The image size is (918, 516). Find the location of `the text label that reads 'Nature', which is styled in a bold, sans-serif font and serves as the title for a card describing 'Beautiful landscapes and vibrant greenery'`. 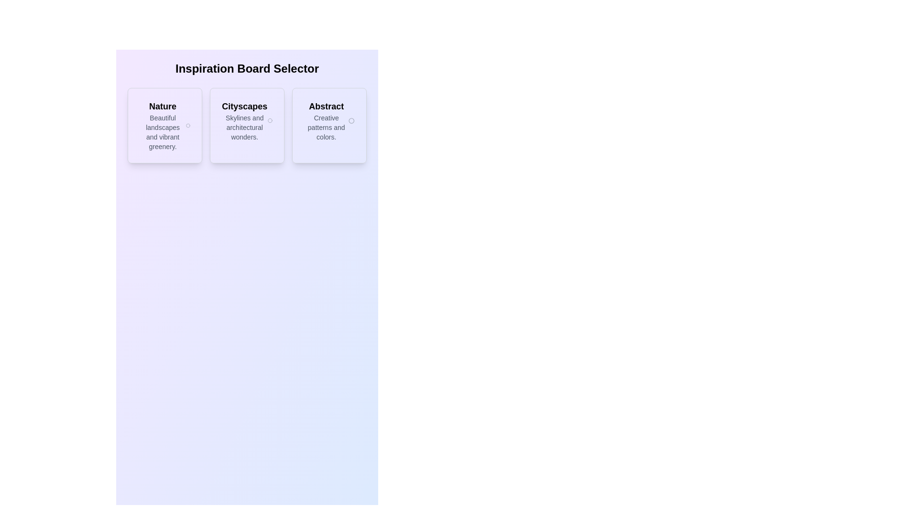

the text label that reads 'Nature', which is styled in a bold, sans-serif font and serves as the title for a card describing 'Beautiful landscapes and vibrant greenery' is located at coordinates (163, 107).